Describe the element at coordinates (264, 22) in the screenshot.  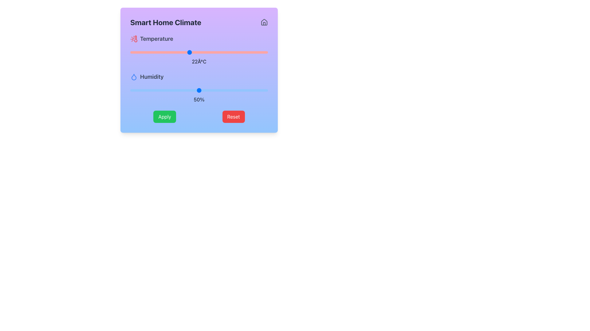
I see `the house icon located in the upper-right corner next to the title text 'Smart Home Climate'` at that location.